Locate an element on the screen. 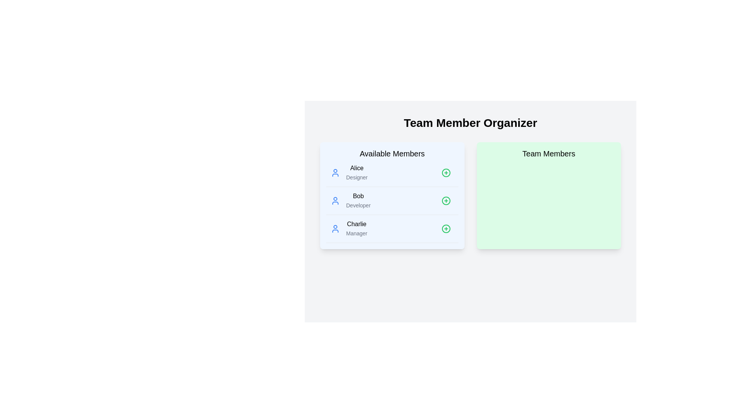  text header that says 'Team Member Organizer,' which is styled in bold and large font, located at the top of the main content area is located at coordinates (470, 122).